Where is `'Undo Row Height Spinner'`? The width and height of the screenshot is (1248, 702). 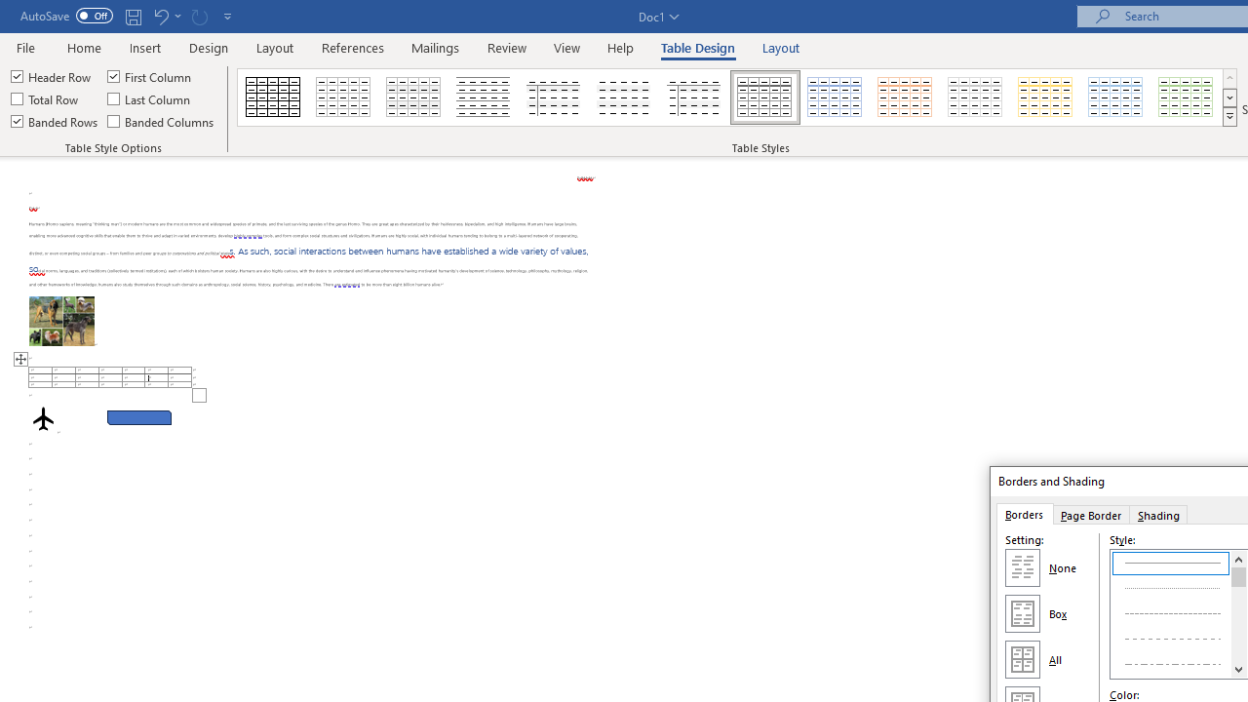 'Undo Row Height Spinner' is located at coordinates (160, 16).